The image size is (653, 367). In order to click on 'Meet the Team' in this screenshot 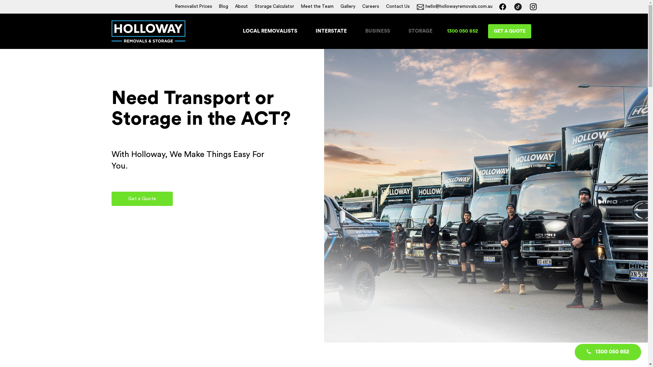, I will do `click(316, 6)`.